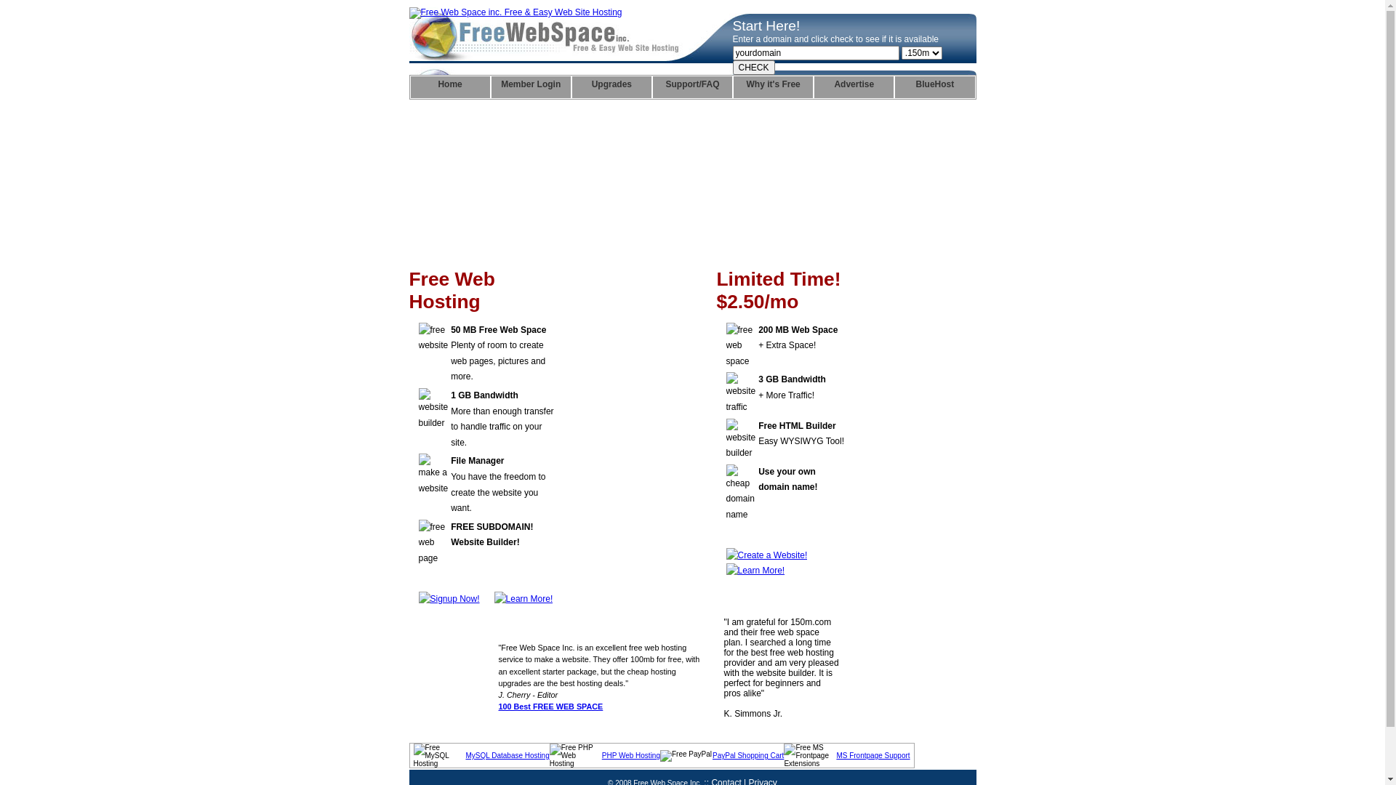 This screenshot has height=785, width=1396. Describe the element at coordinates (631, 754) in the screenshot. I see `'PHP Web Hosting'` at that location.